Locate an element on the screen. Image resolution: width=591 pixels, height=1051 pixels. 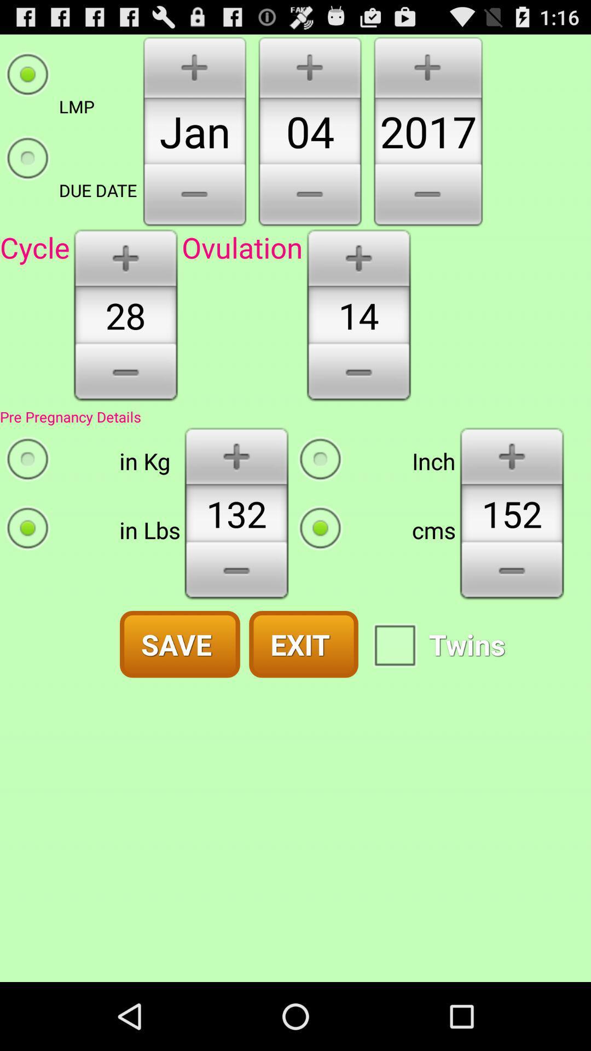
decrease option is located at coordinates (512, 574).